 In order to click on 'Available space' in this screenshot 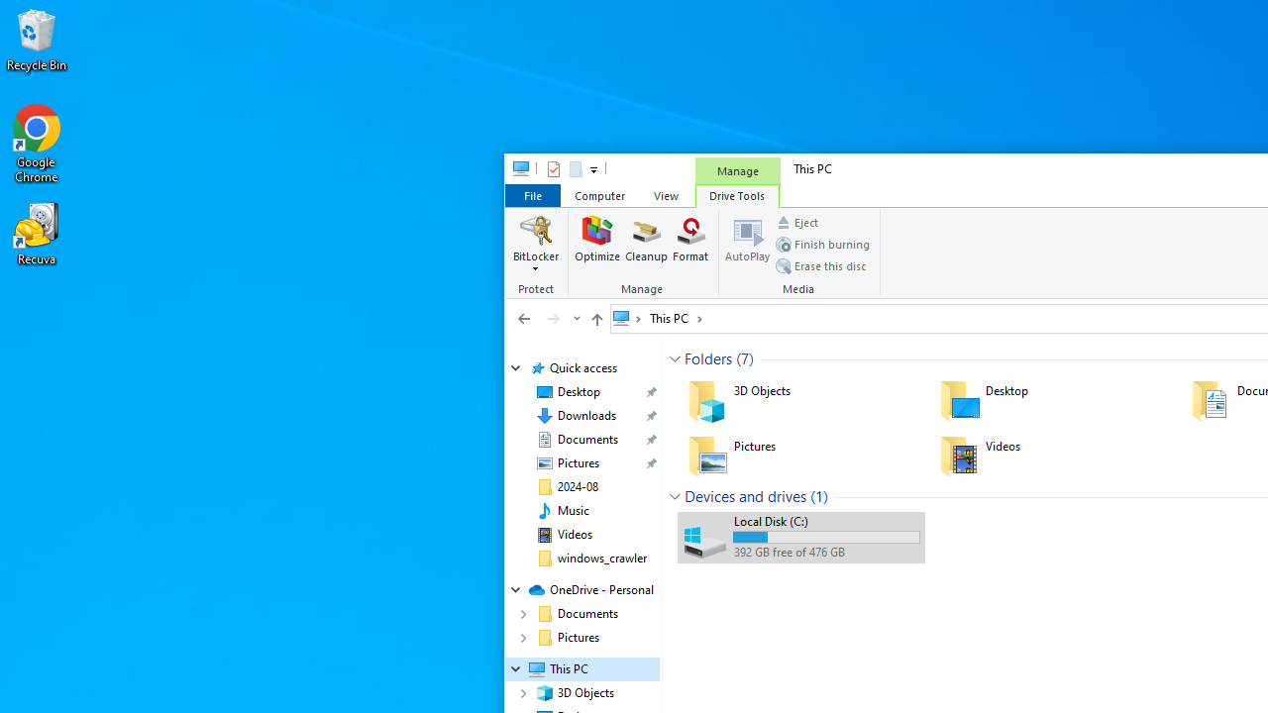, I will do `click(826, 553)`.